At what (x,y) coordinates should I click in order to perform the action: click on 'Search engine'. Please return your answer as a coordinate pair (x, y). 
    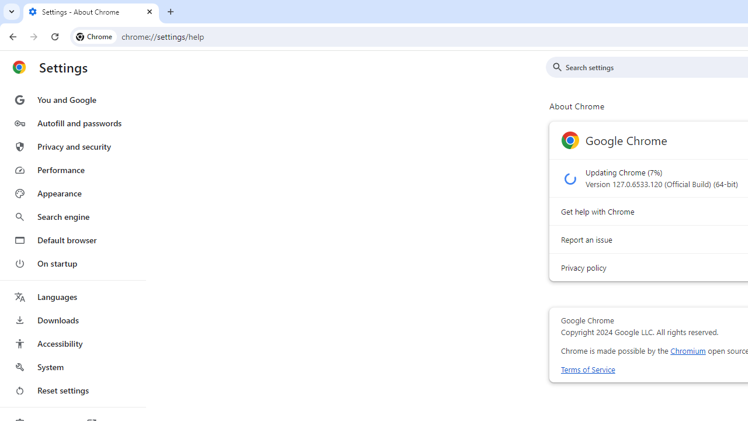
    Looking at the image, I should click on (72, 217).